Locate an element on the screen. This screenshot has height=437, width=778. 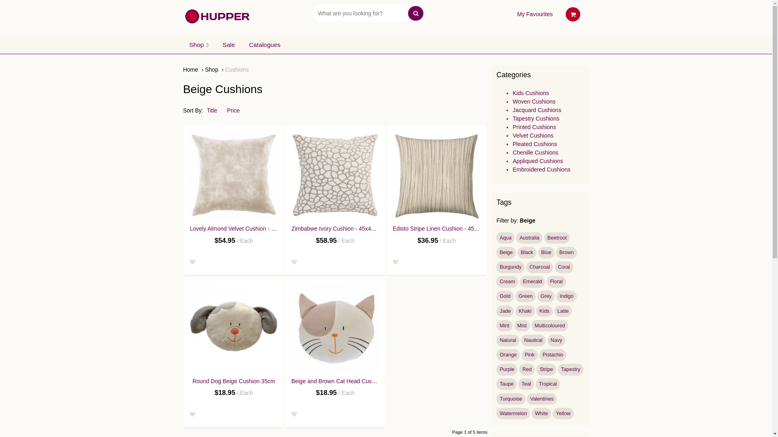
'Khaki' is located at coordinates (525, 311).